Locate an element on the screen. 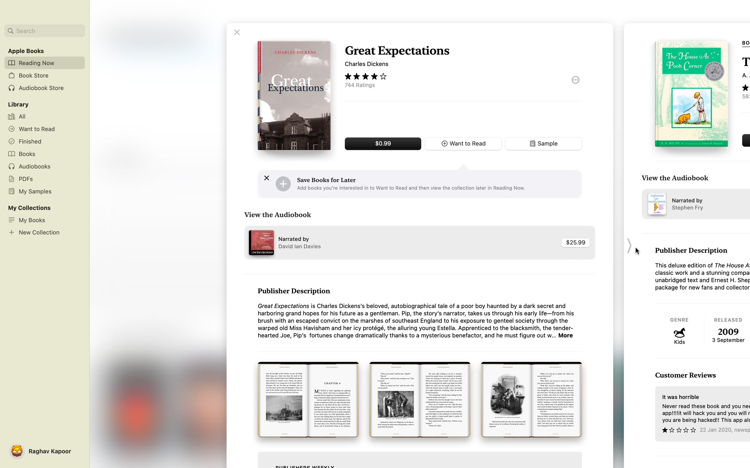 Image resolution: width=750 pixels, height=468 pixels. Scroll down to view user reviews about the book is located at coordinates (1410000, 516672).